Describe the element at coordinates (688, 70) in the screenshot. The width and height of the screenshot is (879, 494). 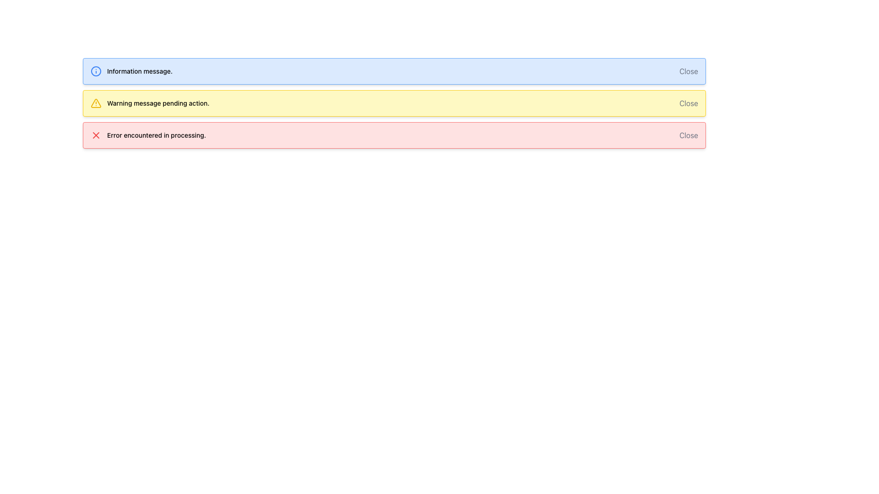
I see `the 'Close' button located at the upper right corner of the blue notification box` at that location.